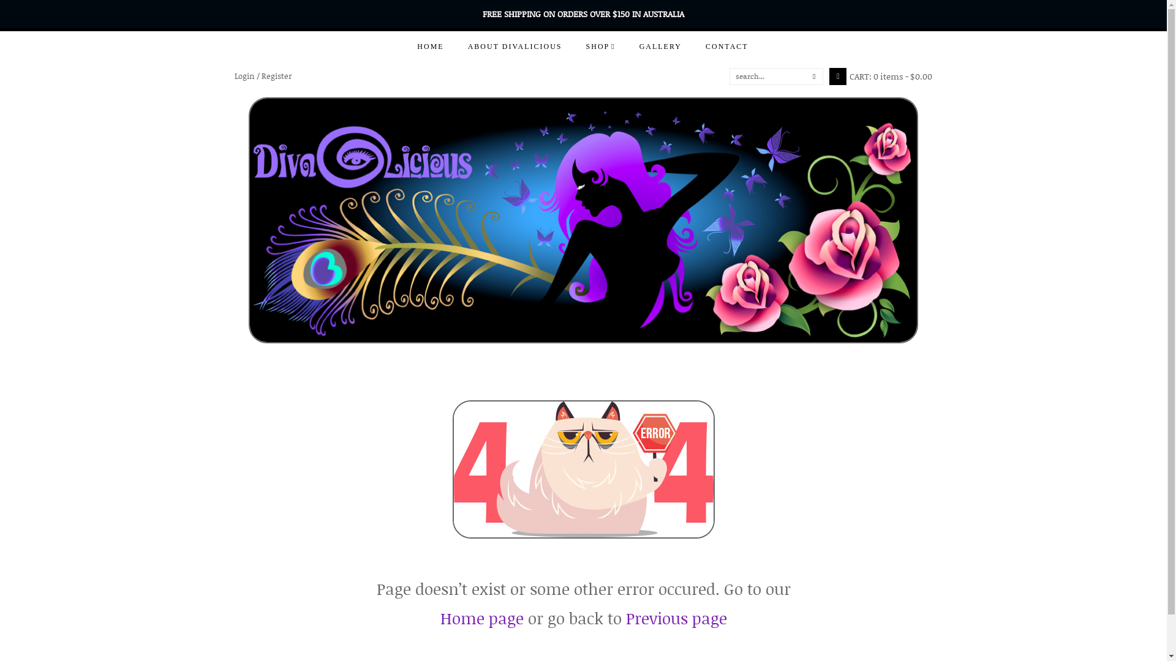 Image resolution: width=1176 pixels, height=661 pixels. I want to click on 'FREE SHIPPING ON ORDERS OVER $150 IN AUSTRALIA', so click(582, 13).